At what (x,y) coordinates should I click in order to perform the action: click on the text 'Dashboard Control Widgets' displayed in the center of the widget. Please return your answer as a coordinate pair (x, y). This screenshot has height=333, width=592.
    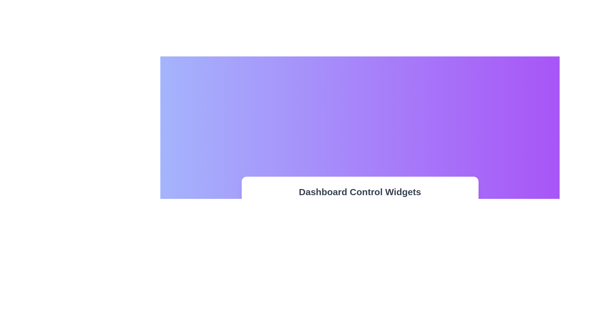
    Looking at the image, I should click on (360, 192).